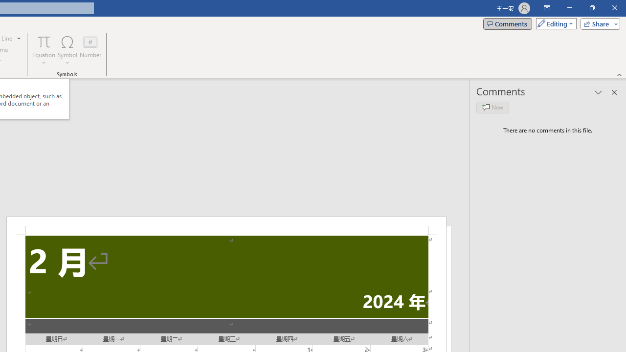 The width and height of the screenshot is (626, 352). What do you see at coordinates (90, 50) in the screenshot?
I see `'Number...'` at bounding box center [90, 50].